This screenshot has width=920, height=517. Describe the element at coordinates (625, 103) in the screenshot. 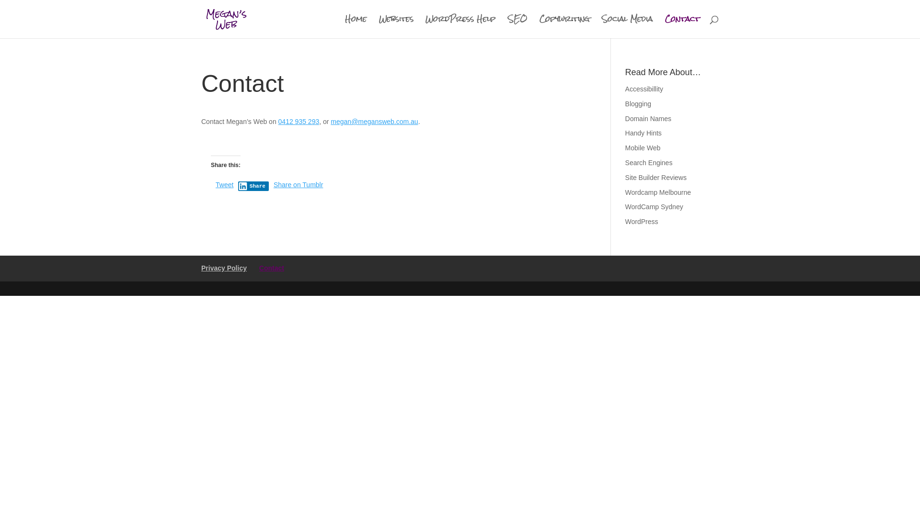

I see `'Blogging'` at that location.